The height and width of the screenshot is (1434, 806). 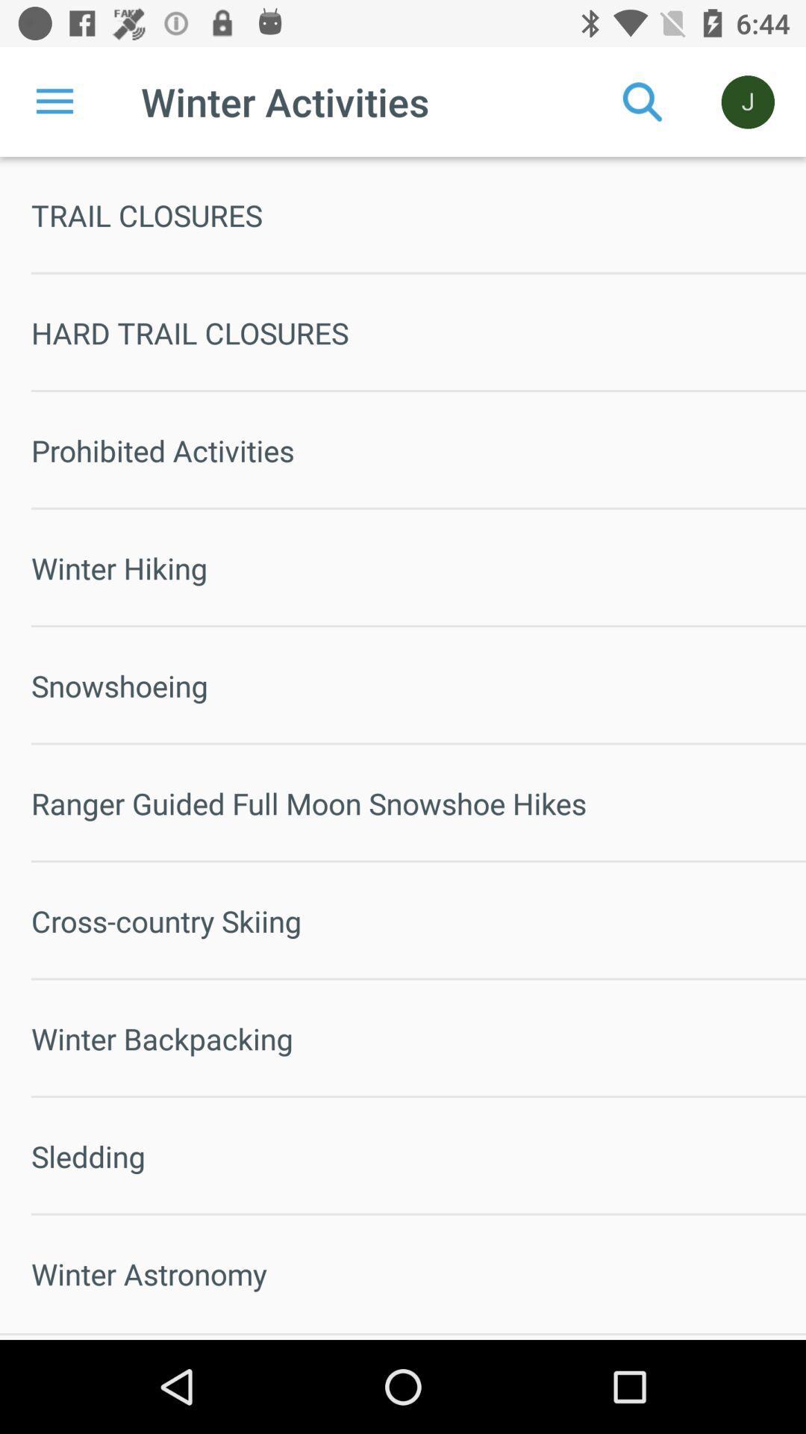 I want to click on the prohibited activities item, so click(x=418, y=450).